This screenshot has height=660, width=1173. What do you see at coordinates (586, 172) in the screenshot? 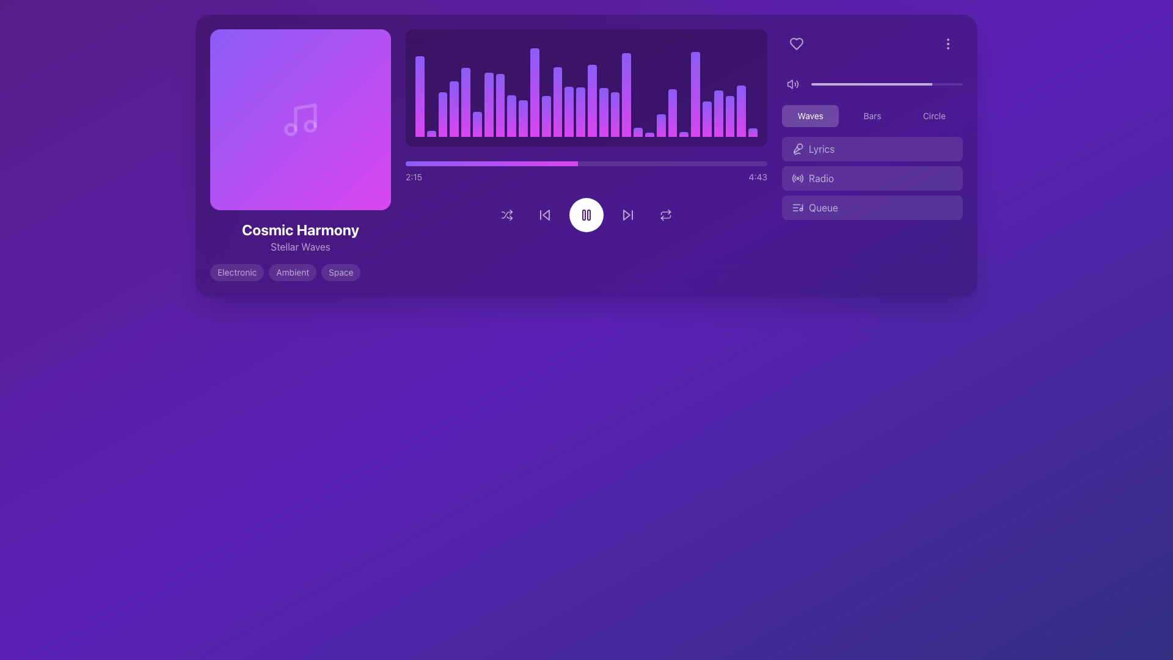
I see `the horizontal progress bar with a gradient fill` at bounding box center [586, 172].